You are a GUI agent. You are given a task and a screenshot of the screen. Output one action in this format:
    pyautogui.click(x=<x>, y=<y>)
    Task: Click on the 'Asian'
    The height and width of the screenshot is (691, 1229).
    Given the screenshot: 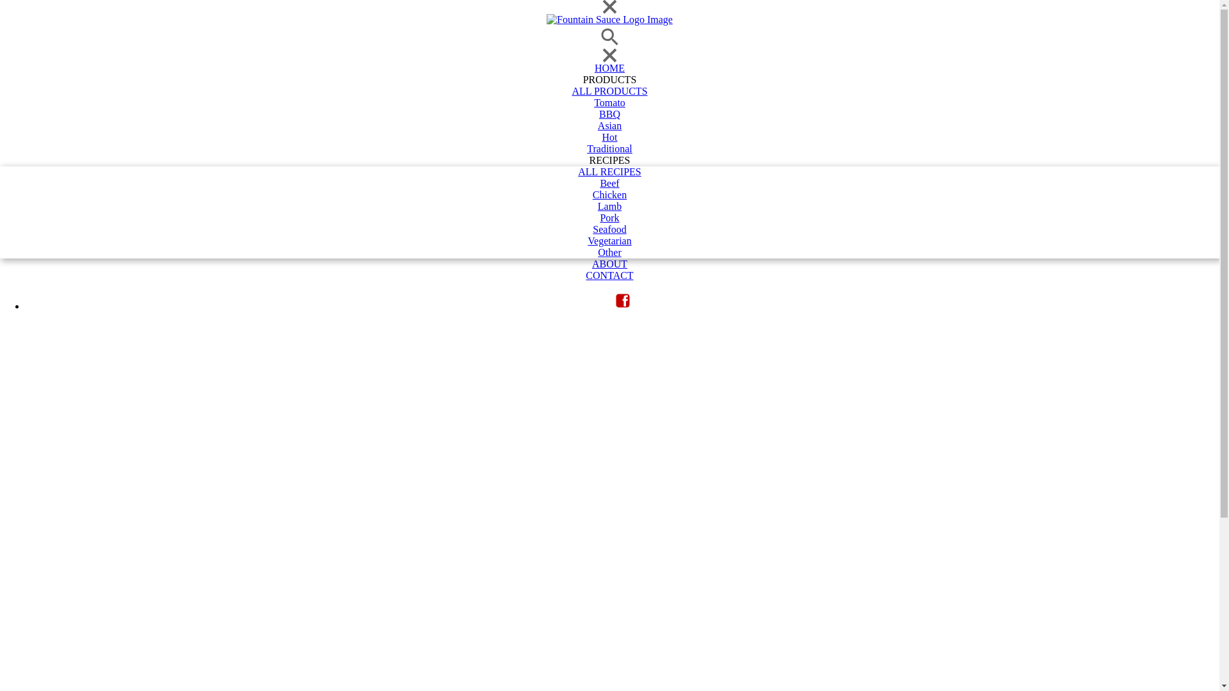 What is the action you would take?
    pyautogui.click(x=0, y=125)
    